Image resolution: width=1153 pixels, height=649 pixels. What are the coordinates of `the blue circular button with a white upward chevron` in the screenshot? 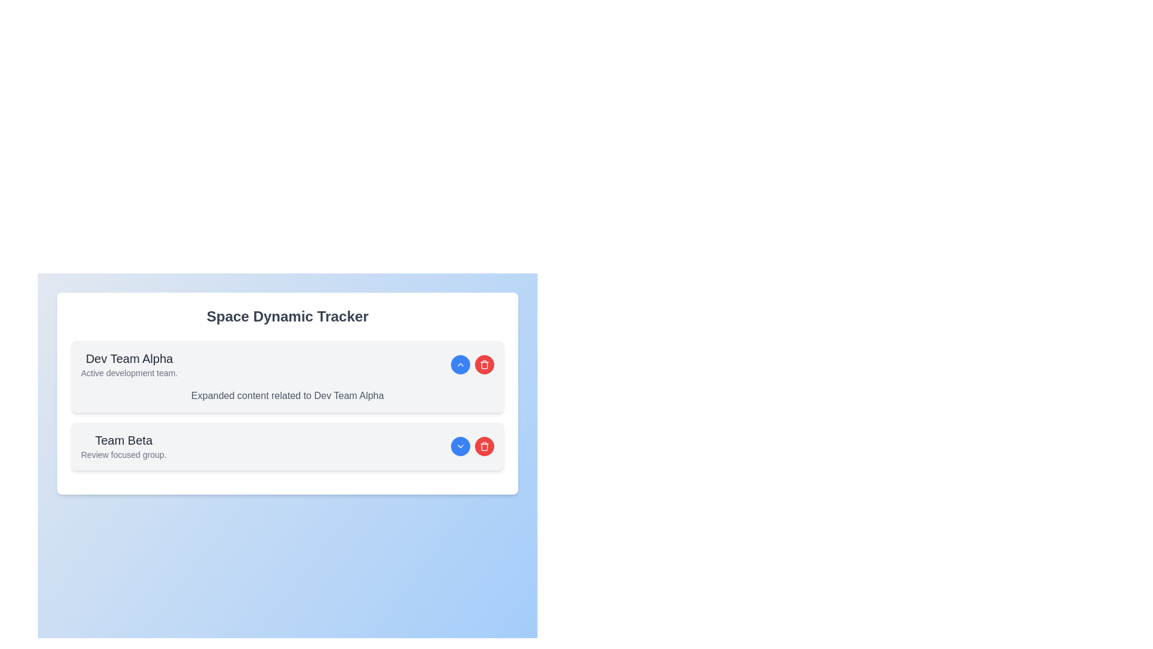 It's located at (472, 364).